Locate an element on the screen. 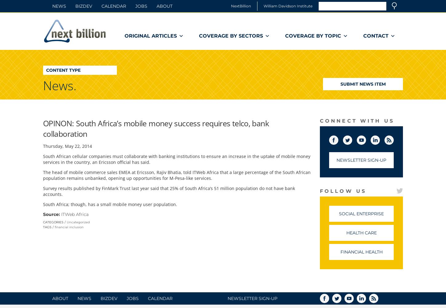 This screenshot has width=446, height=308. 'Follow Us' is located at coordinates (343, 191).